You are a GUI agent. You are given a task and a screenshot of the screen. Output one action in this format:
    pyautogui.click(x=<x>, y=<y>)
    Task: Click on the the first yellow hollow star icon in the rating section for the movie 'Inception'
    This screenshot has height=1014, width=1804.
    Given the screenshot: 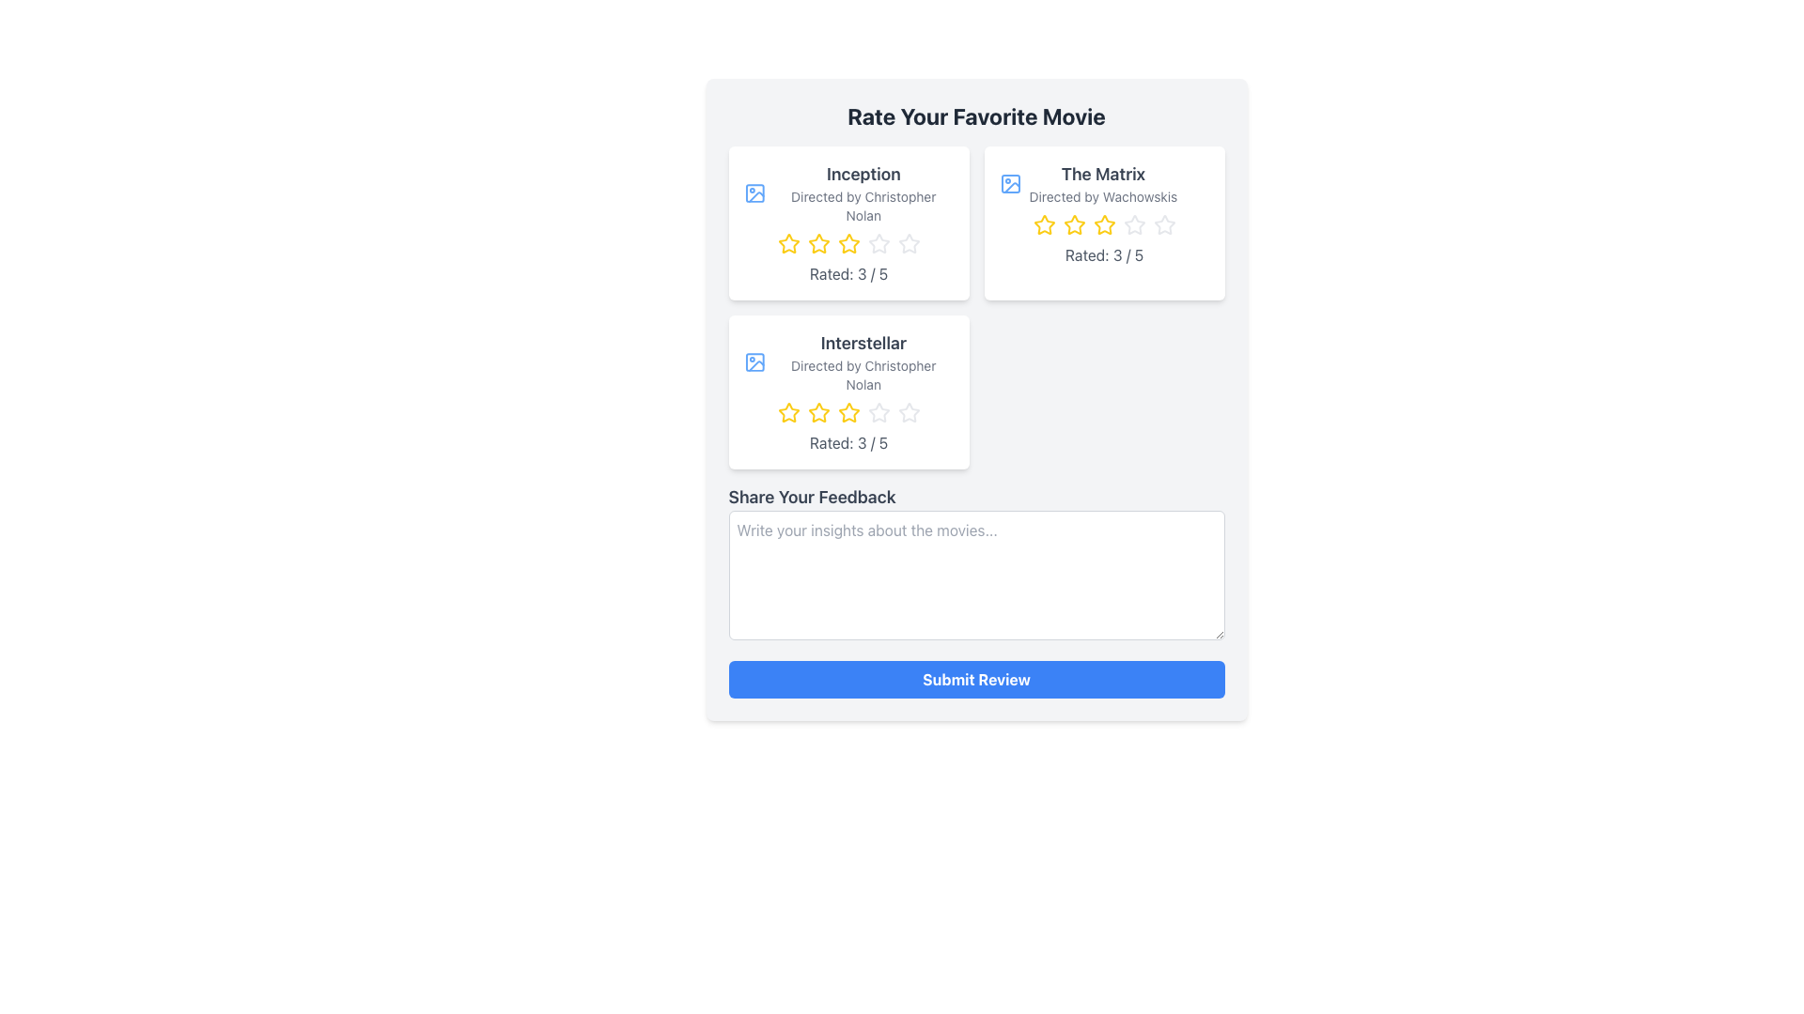 What is the action you would take?
    pyautogui.click(x=788, y=242)
    